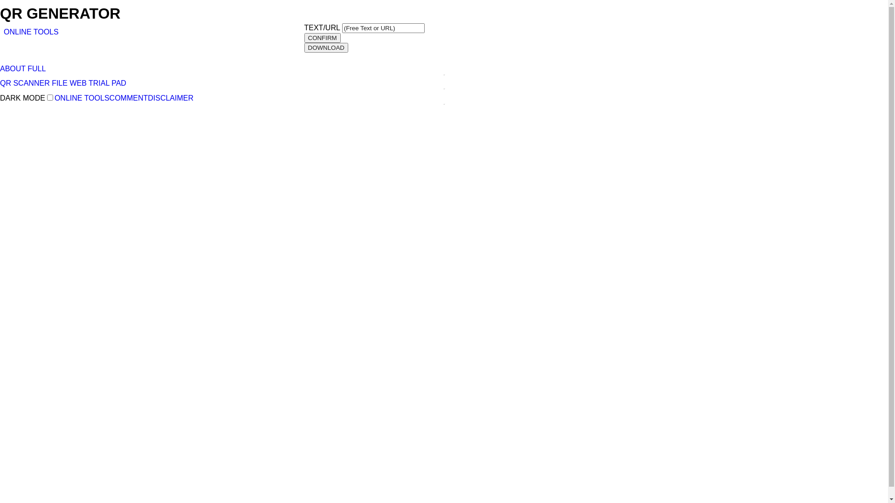 The image size is (895, 503). Describe the element at coordinates (31, 31) in the screenshot. I see `'ONLINE TOOLS'` at that location.